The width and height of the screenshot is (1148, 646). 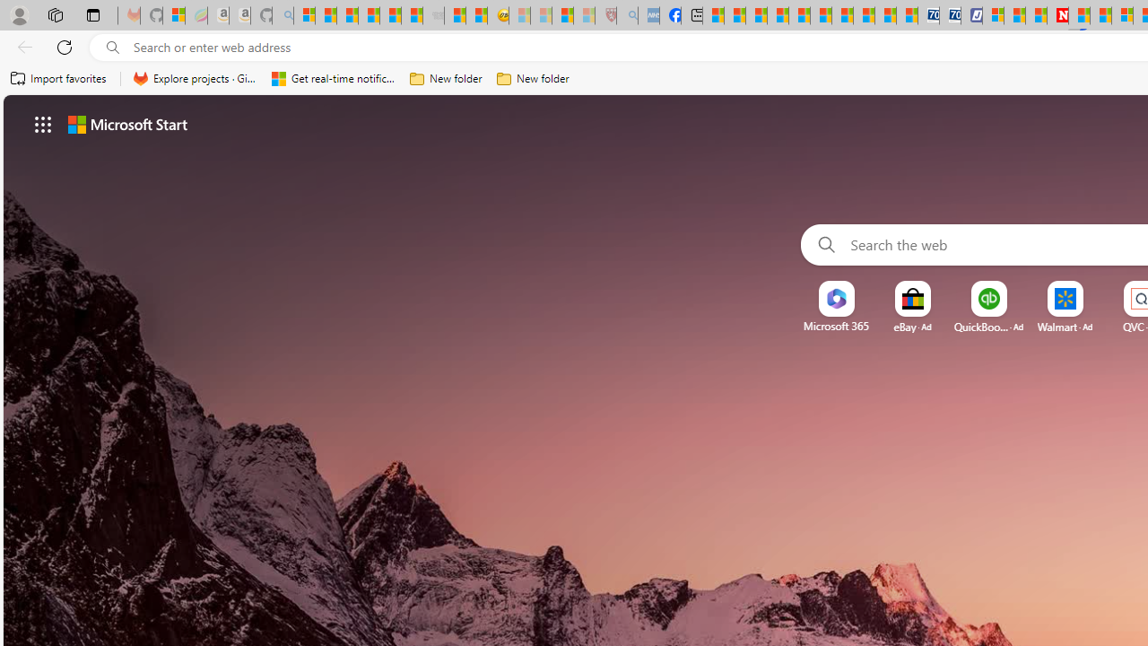 What do you see at coordinates (1078, 15) in the screenshot?
I see `'Trusted Community Engagement and Contributions | Guidelines'` at bounding box center [1078, 15].